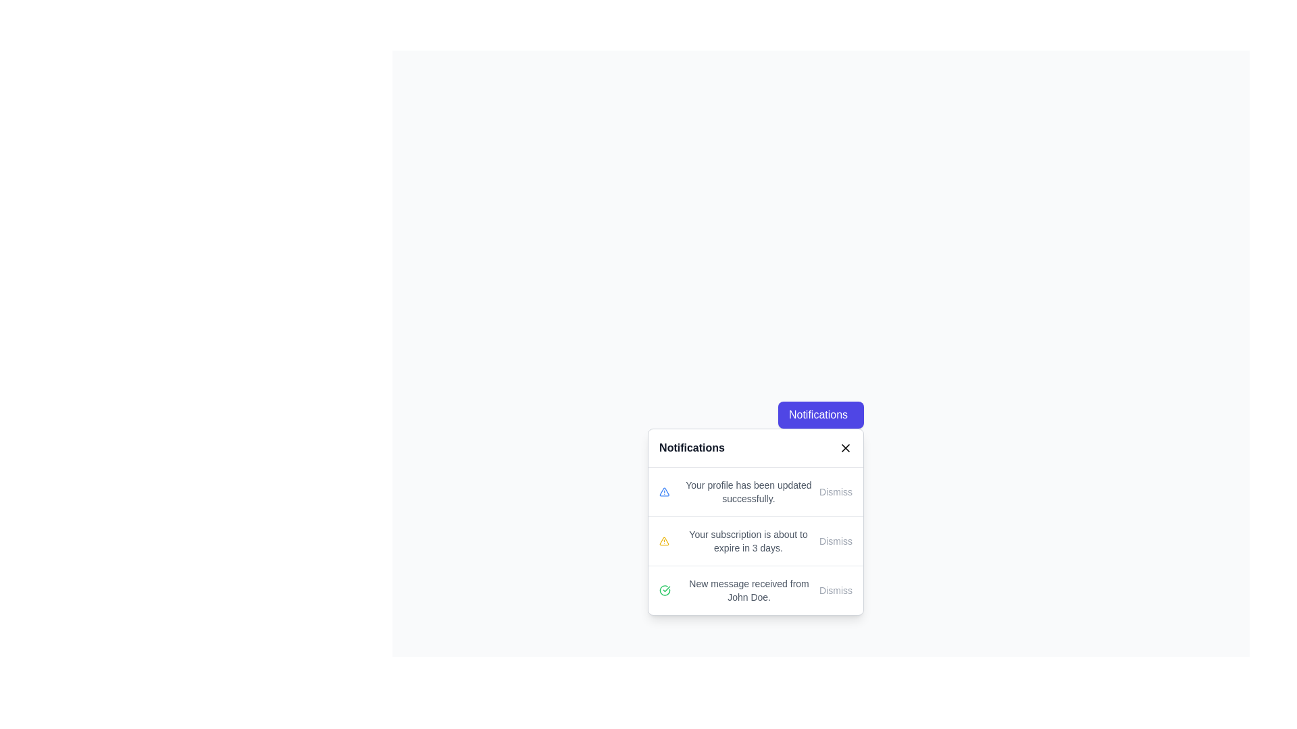 This screenshot has width=1297, height=729. I want to click on message displayed in the text label that says 'Your profile has been updated successfully.' located in the notification center as the first message item, so click(748, 492).